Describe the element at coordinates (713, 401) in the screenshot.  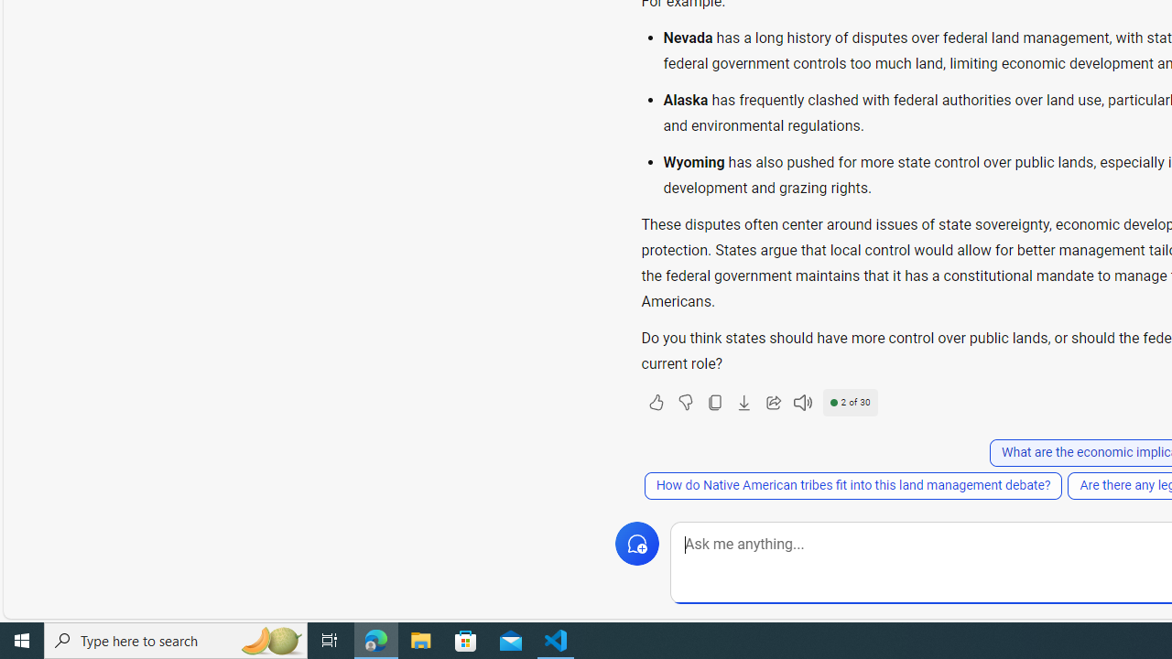
I see `'Copy'` at that location.